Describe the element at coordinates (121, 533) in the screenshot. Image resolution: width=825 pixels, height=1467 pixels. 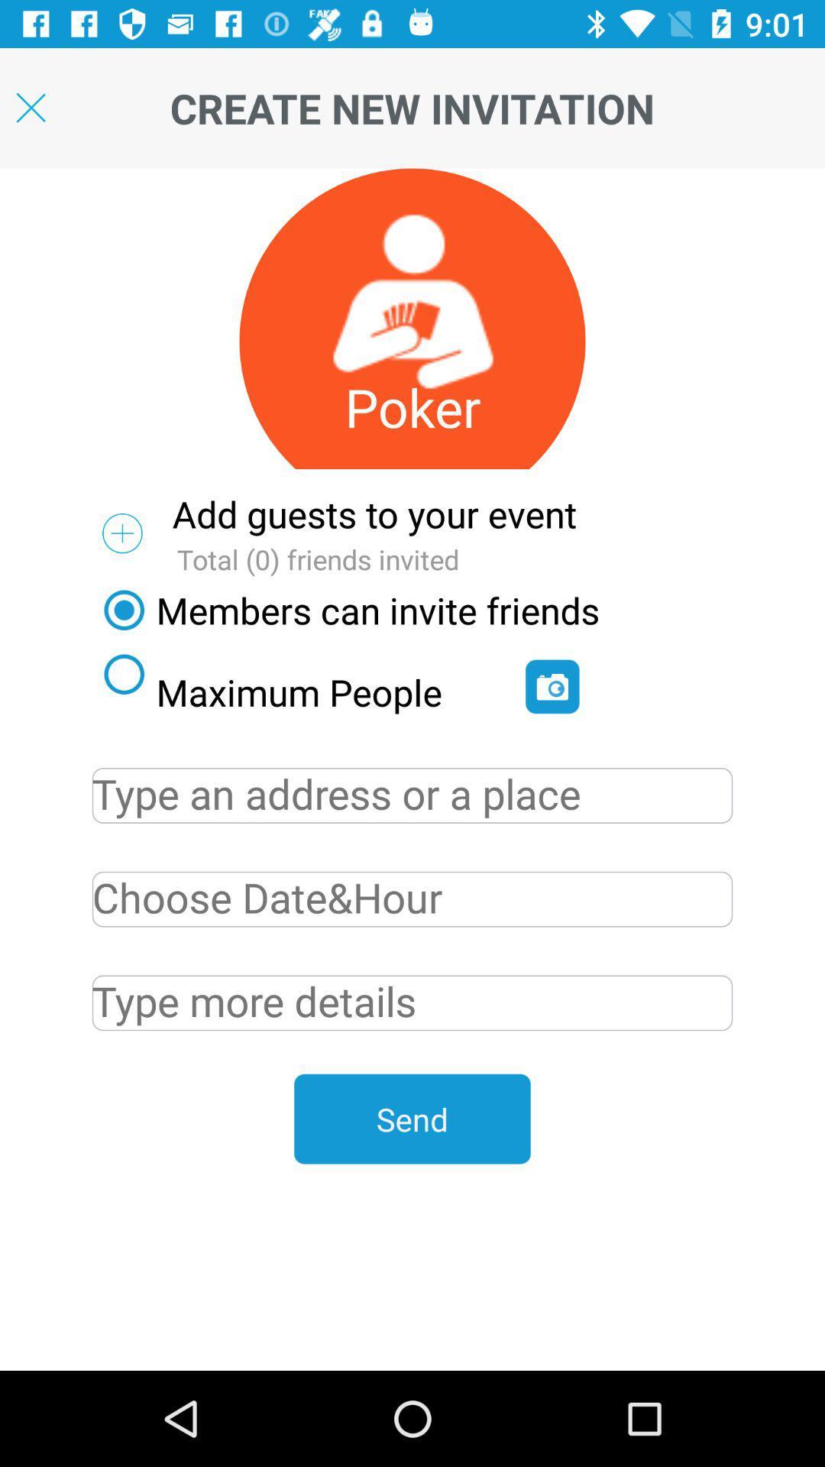
I see `the add icon` at that location.